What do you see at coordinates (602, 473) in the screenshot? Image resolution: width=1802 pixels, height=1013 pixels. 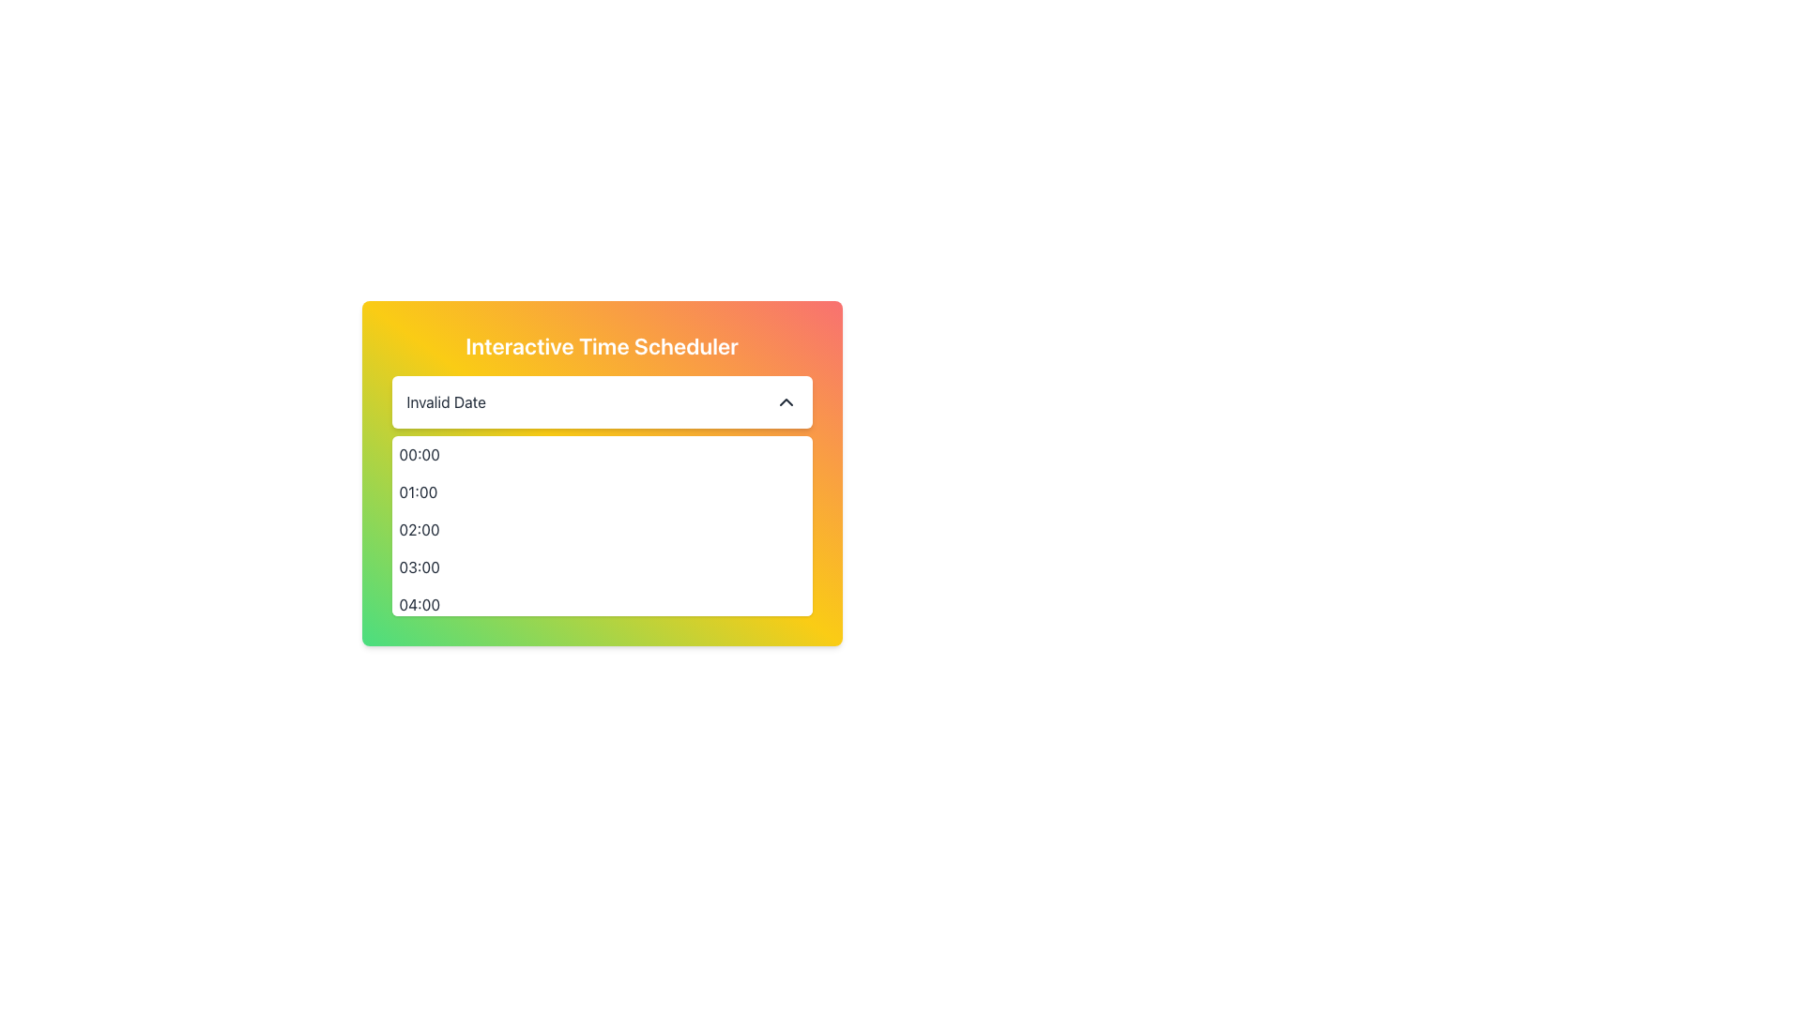 I see `the timeslot within the centered time selection panel` at bounding box center [602, 473].